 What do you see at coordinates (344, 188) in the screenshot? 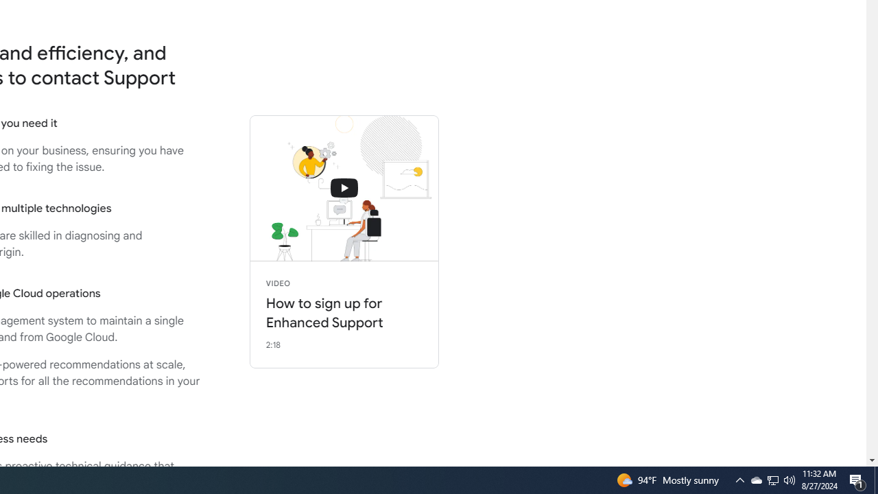
I see `'connecting with support'` at bounding box center [344, 188].